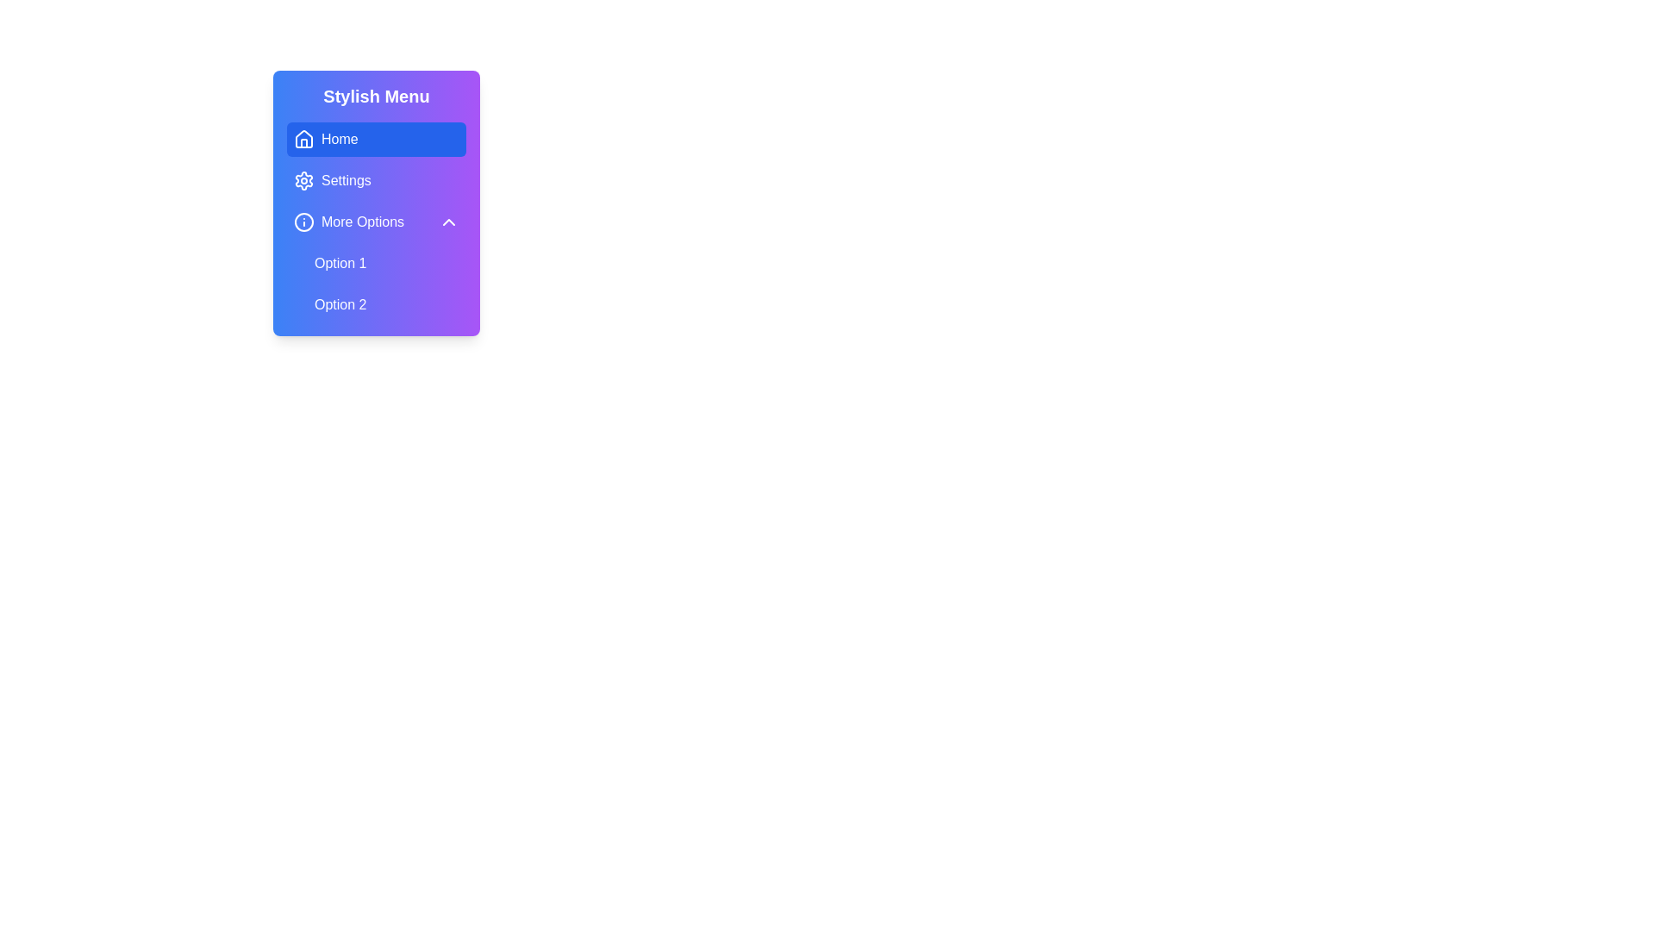  Describe the element at coordinates (347, 222) in the screenshot. I see `the Label with Icon located` at that location.